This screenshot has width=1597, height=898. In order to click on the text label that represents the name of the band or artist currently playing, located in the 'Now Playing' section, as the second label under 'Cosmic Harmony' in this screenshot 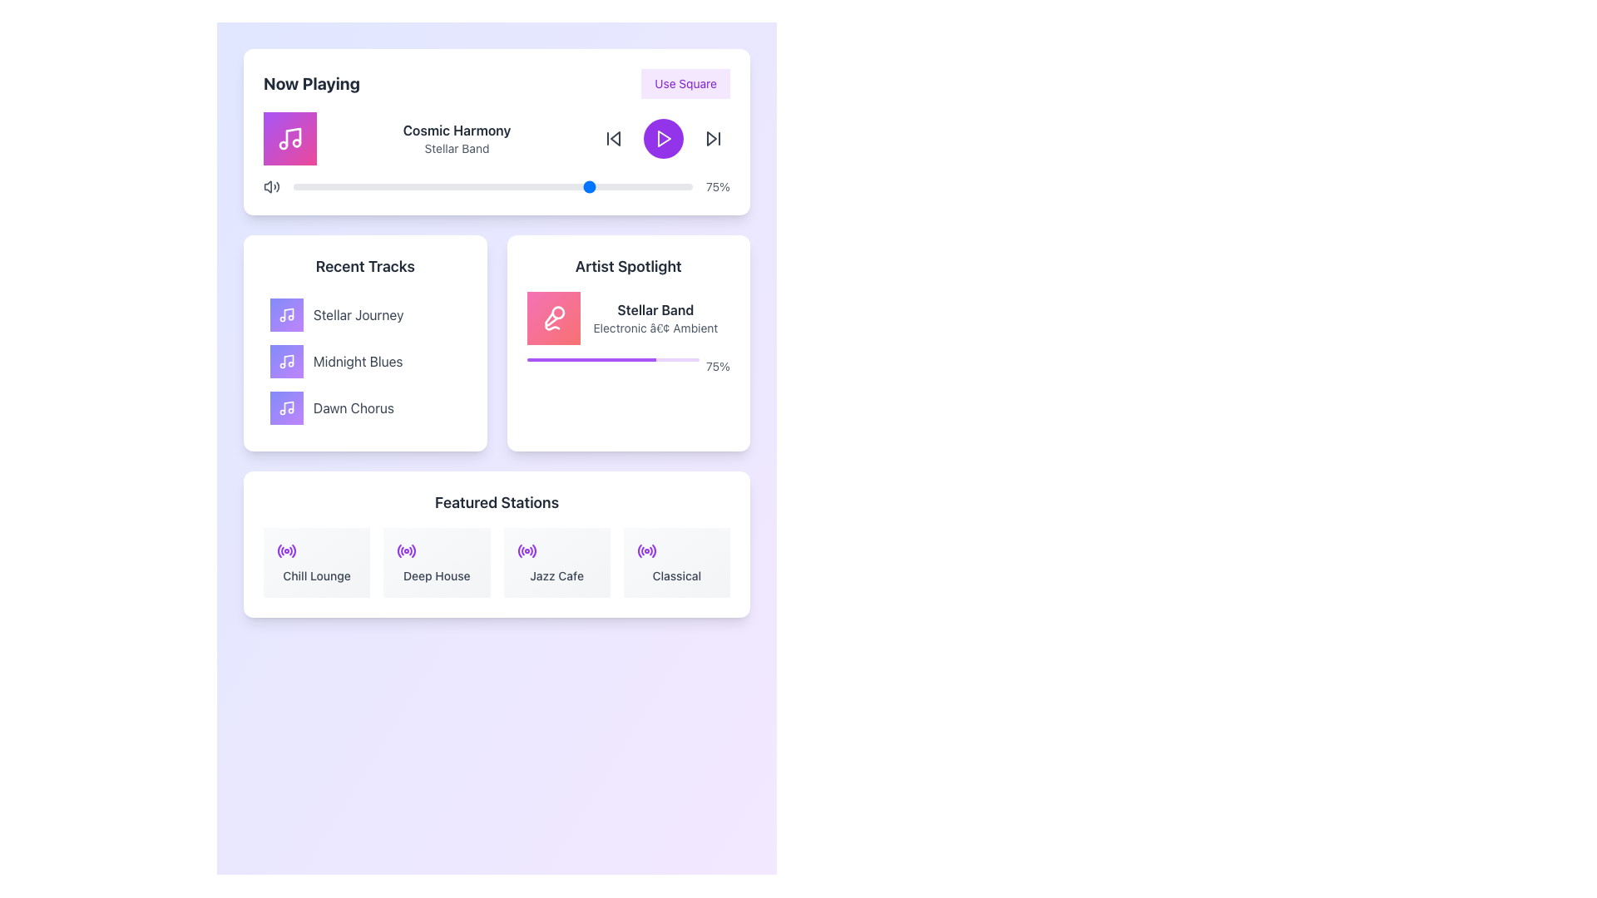, I will do `click(457, 147)`.